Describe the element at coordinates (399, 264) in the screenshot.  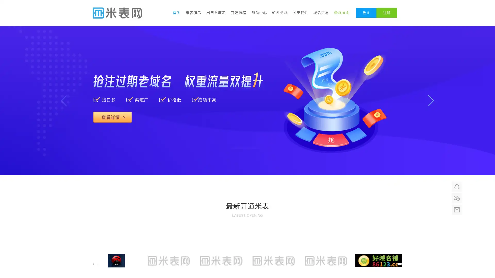
I see `Next slide` at that location.